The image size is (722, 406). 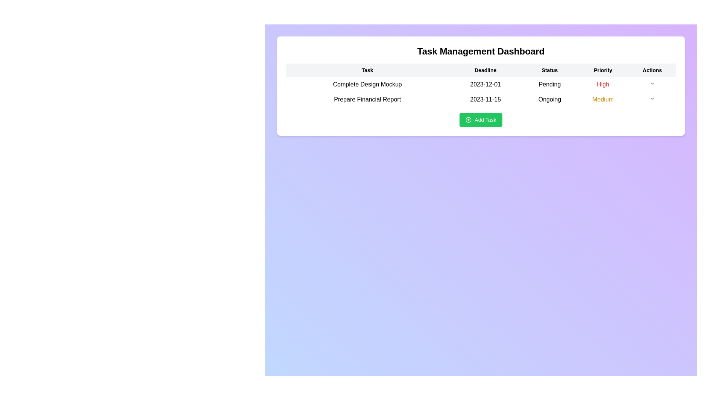 I want to click on the non-interactive Text label indicating the priority level of the corresponding task located in the second row under the 'Priority' column, so click(x=603, y=99).